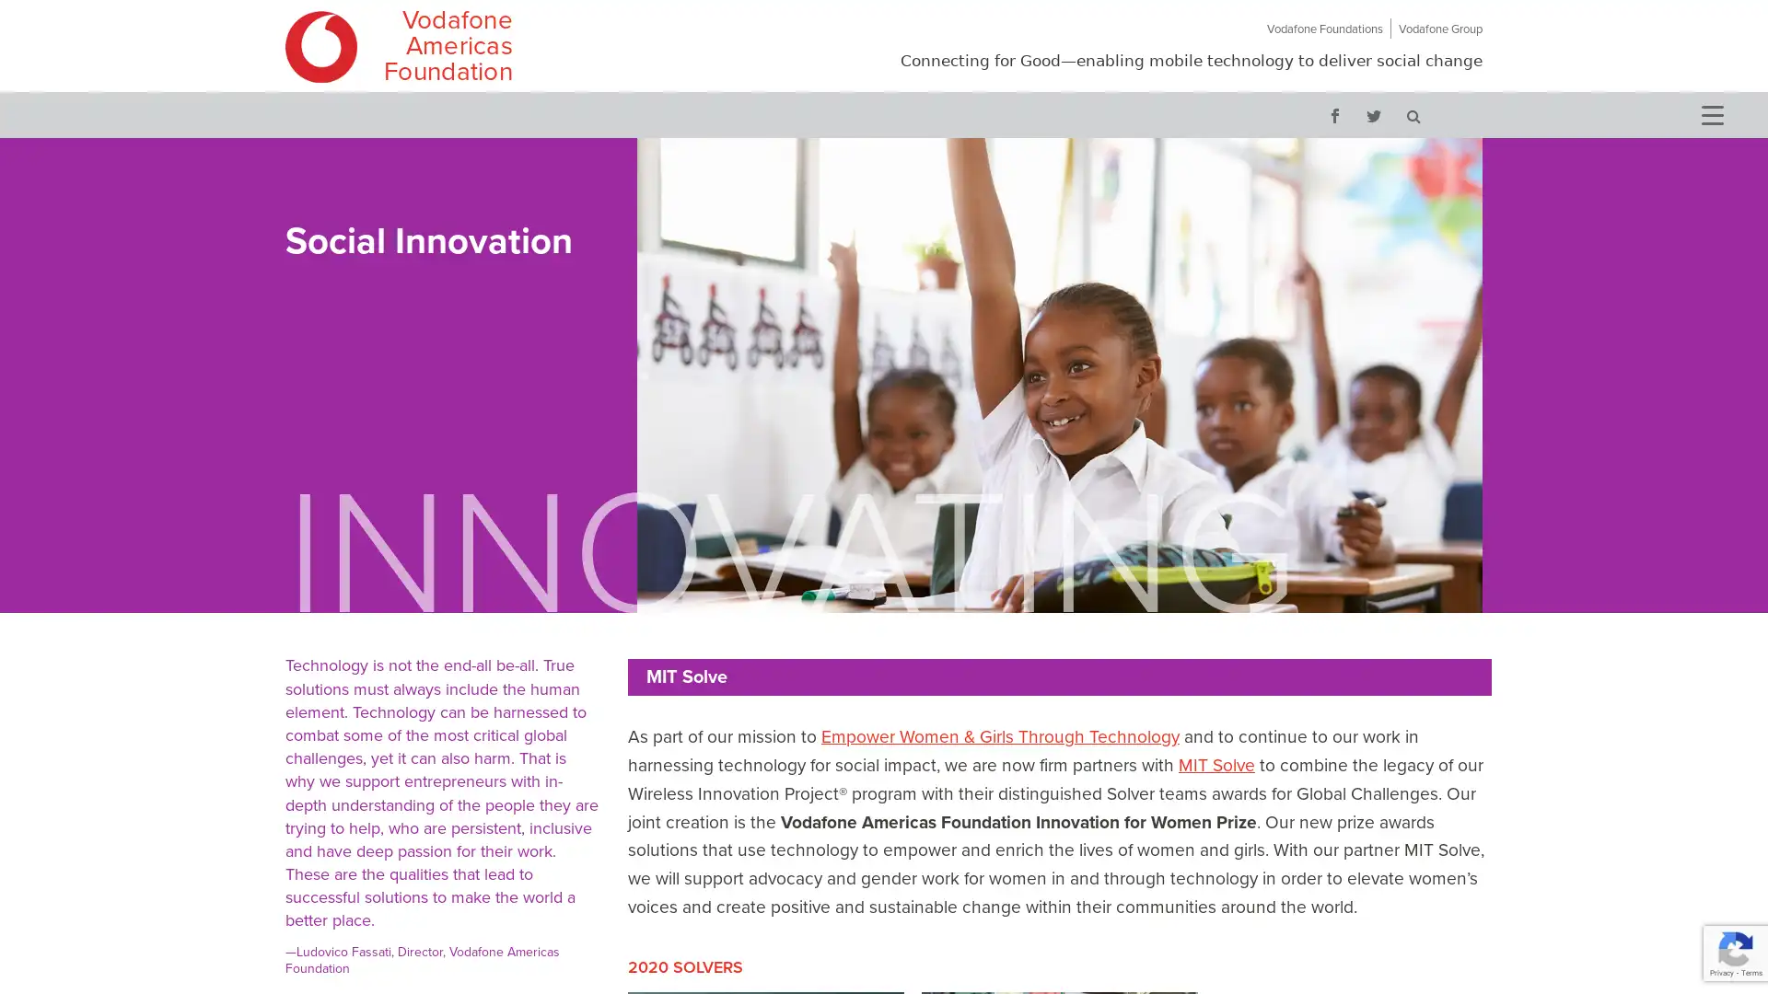 The image size is (1768, 994). Describe the element at coordinates (1413, 114) in the screenshot. I see `GO` at that location.